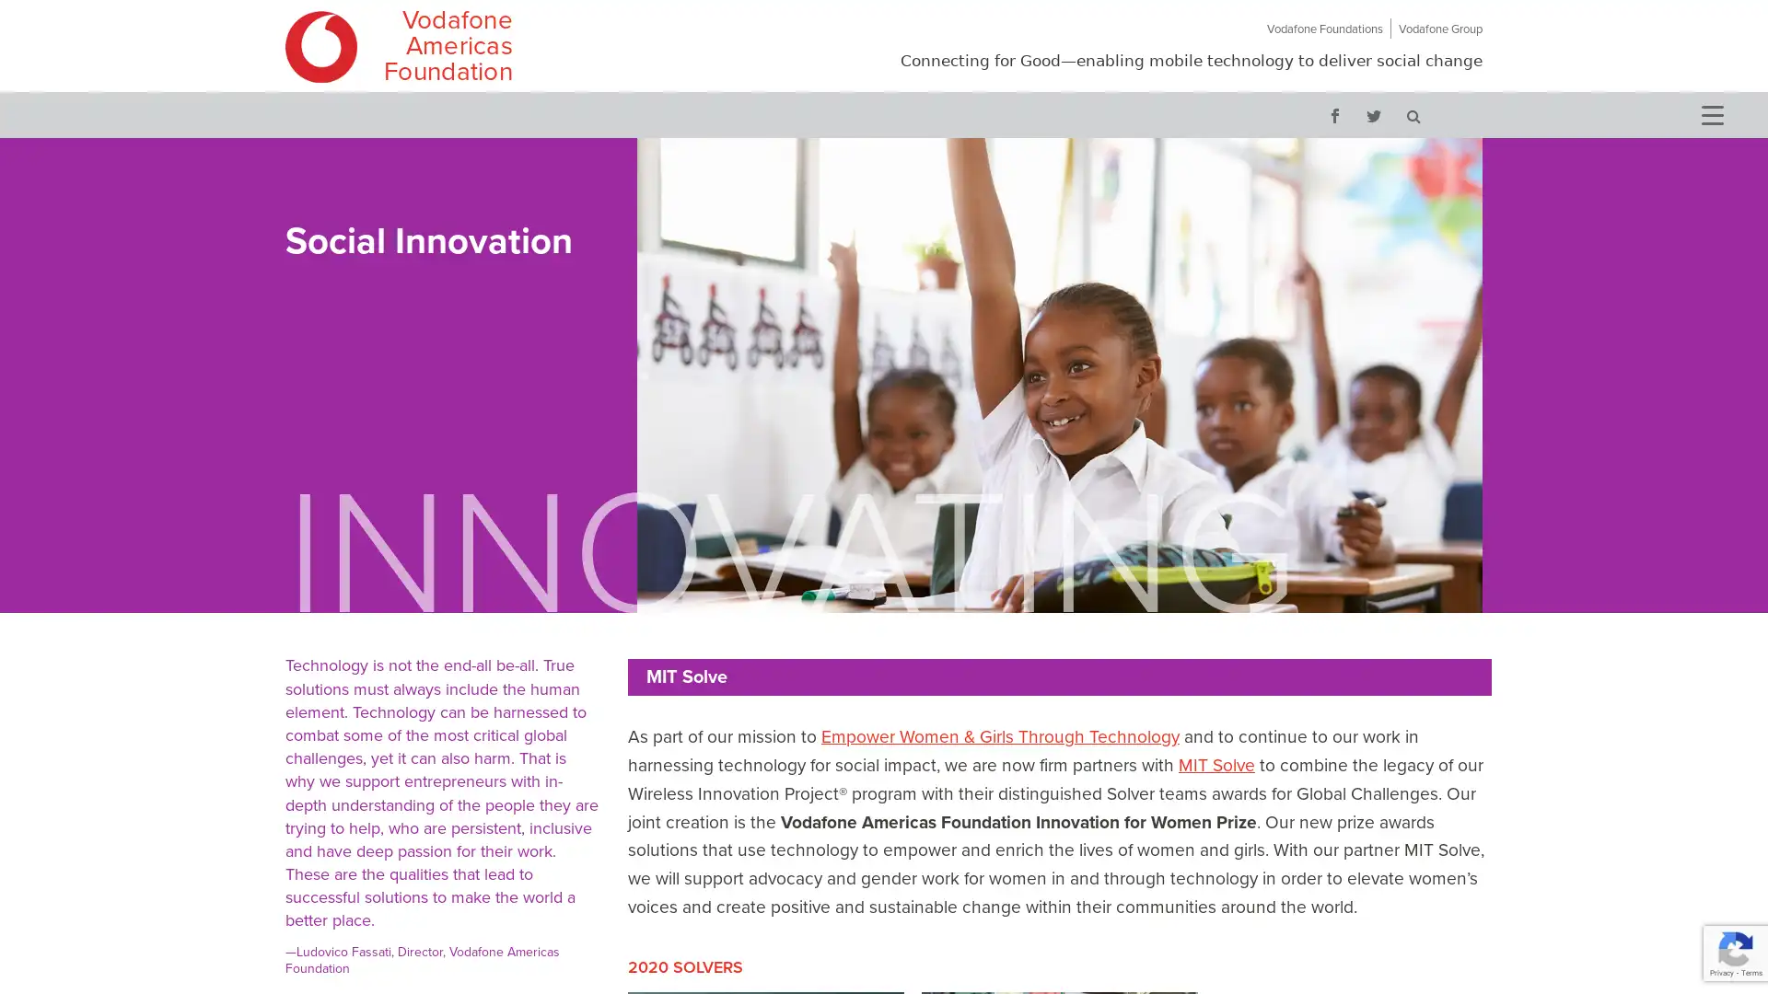 The image size is (1768, 994). Describe the element at coordinates (1413, 114) in the screenshot. I see `GO` at that location.